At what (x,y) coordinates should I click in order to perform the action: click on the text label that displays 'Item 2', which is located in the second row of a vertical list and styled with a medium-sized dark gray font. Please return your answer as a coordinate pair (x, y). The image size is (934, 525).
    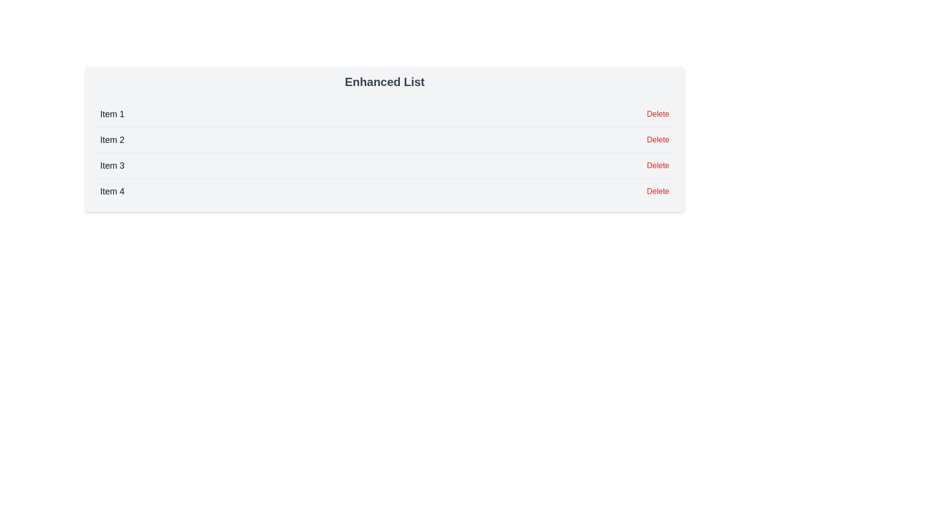
    Looking at the image, I should click on (112, 140).